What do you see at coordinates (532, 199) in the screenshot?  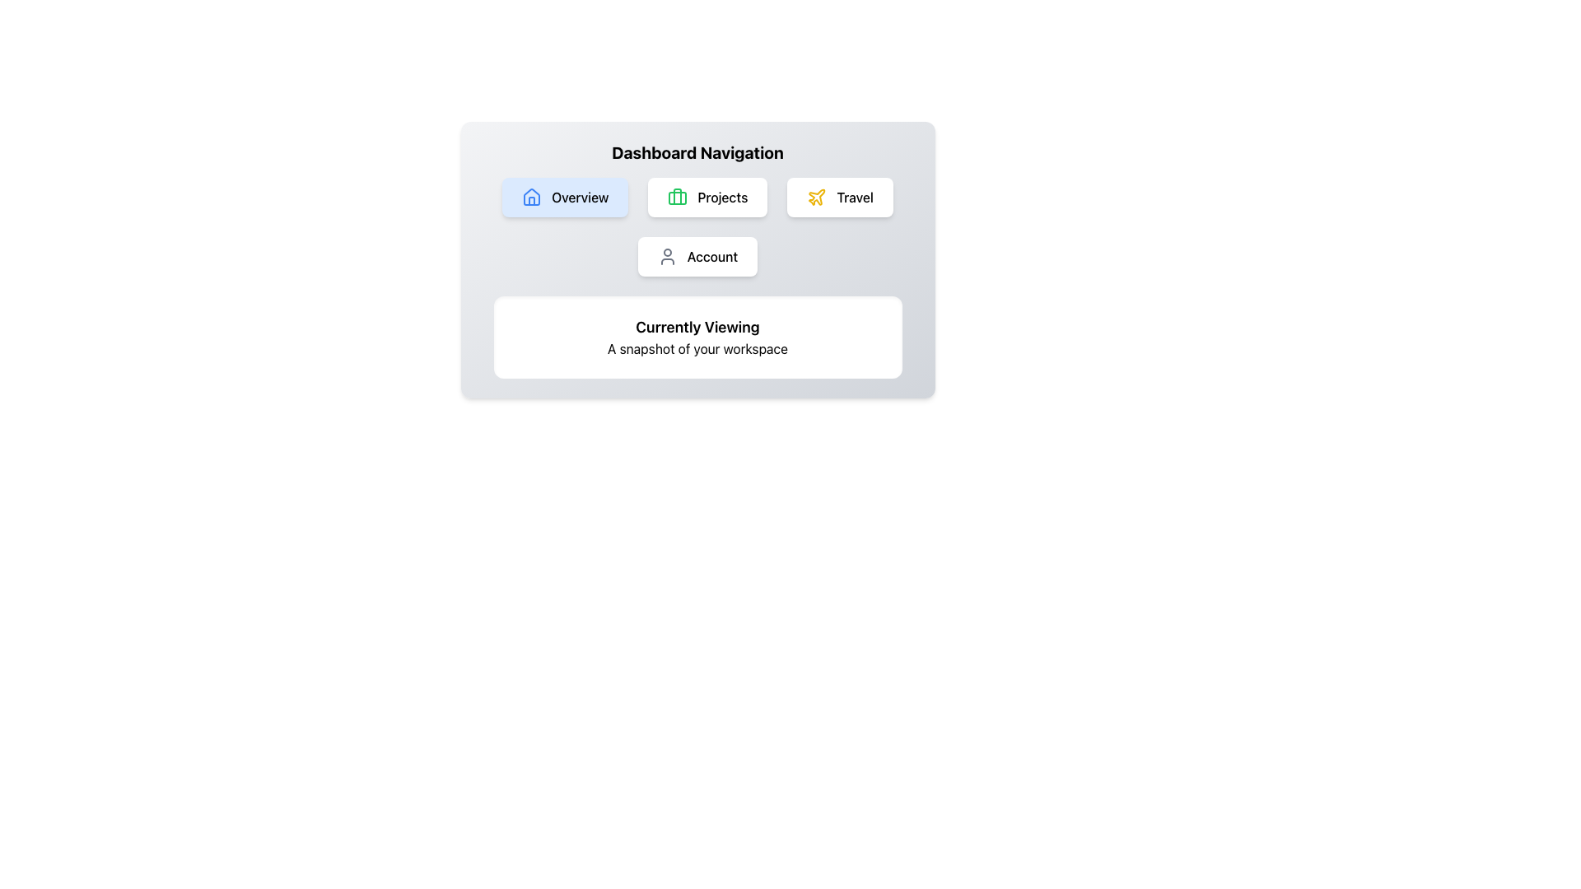 I see `the house icon, which includes a blue rectangular door shape` at bounding box center [532, 199].